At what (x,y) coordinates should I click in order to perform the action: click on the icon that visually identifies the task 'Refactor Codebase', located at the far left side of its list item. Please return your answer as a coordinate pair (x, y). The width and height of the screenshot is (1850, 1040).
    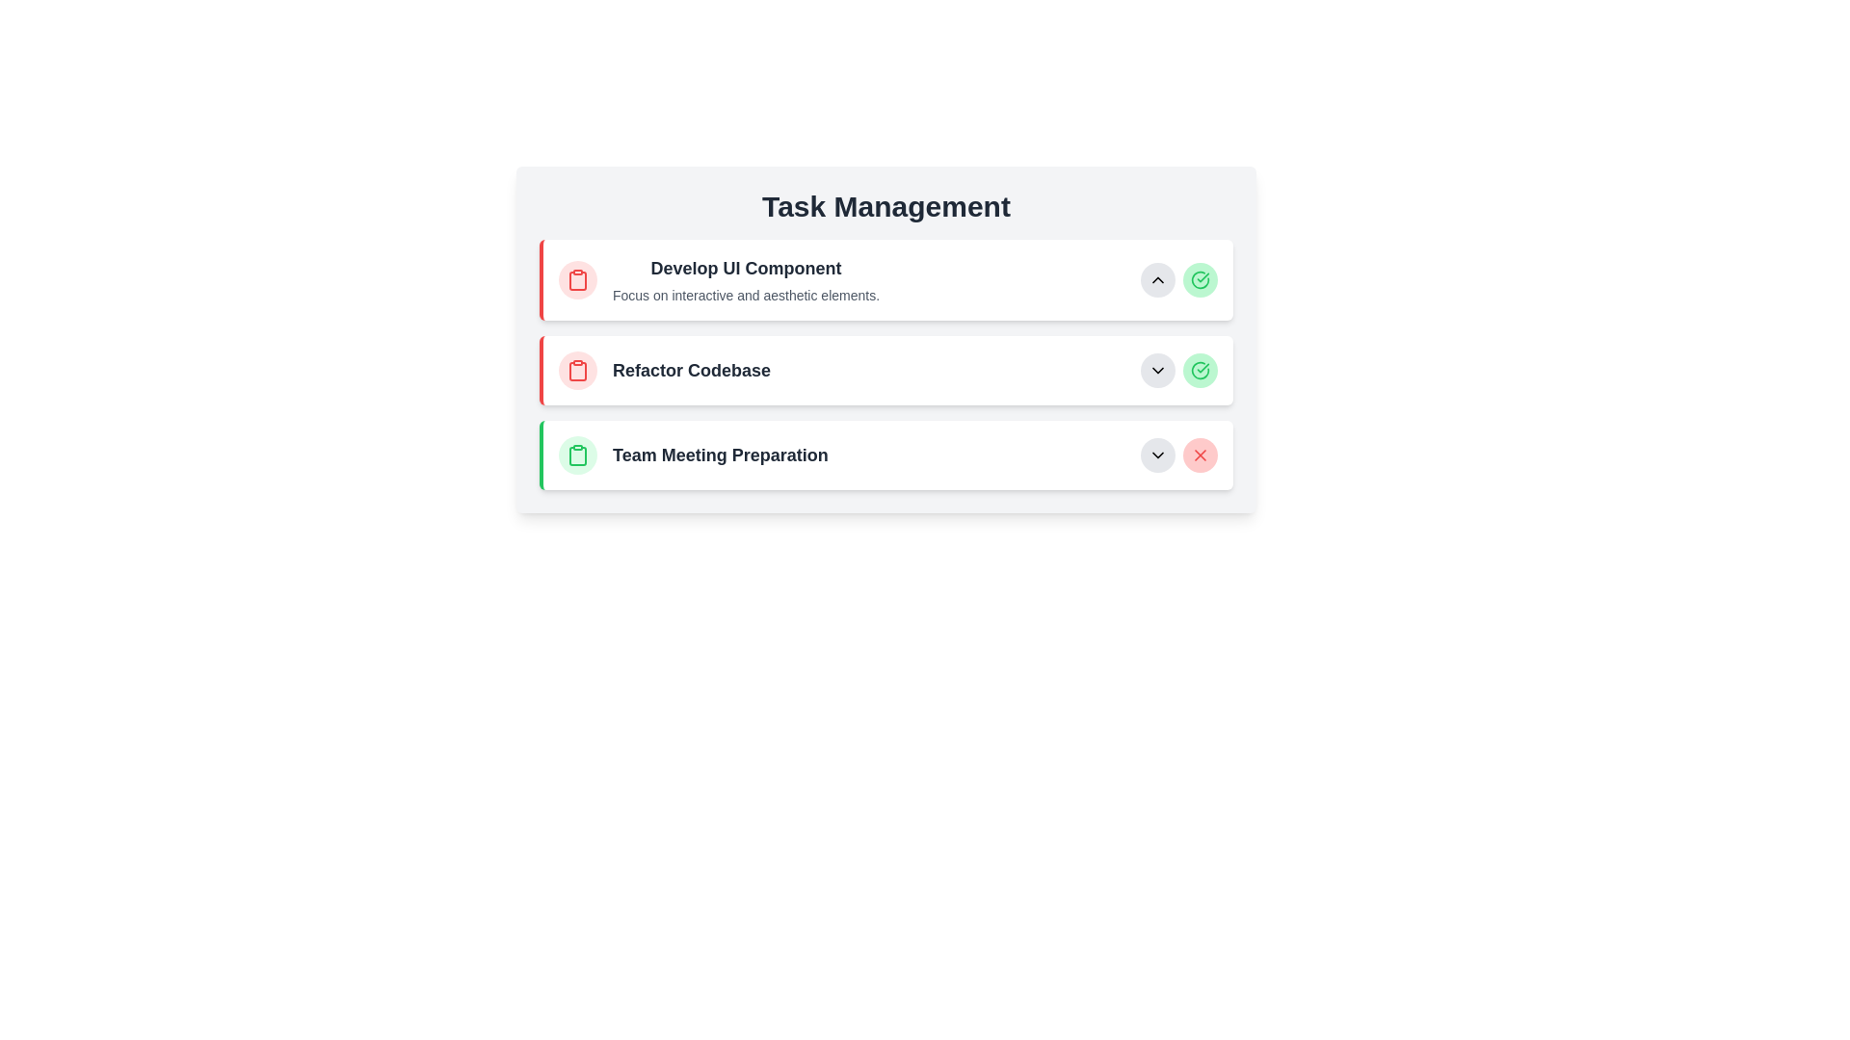
    Looking at the image, I should click on (577, 371).